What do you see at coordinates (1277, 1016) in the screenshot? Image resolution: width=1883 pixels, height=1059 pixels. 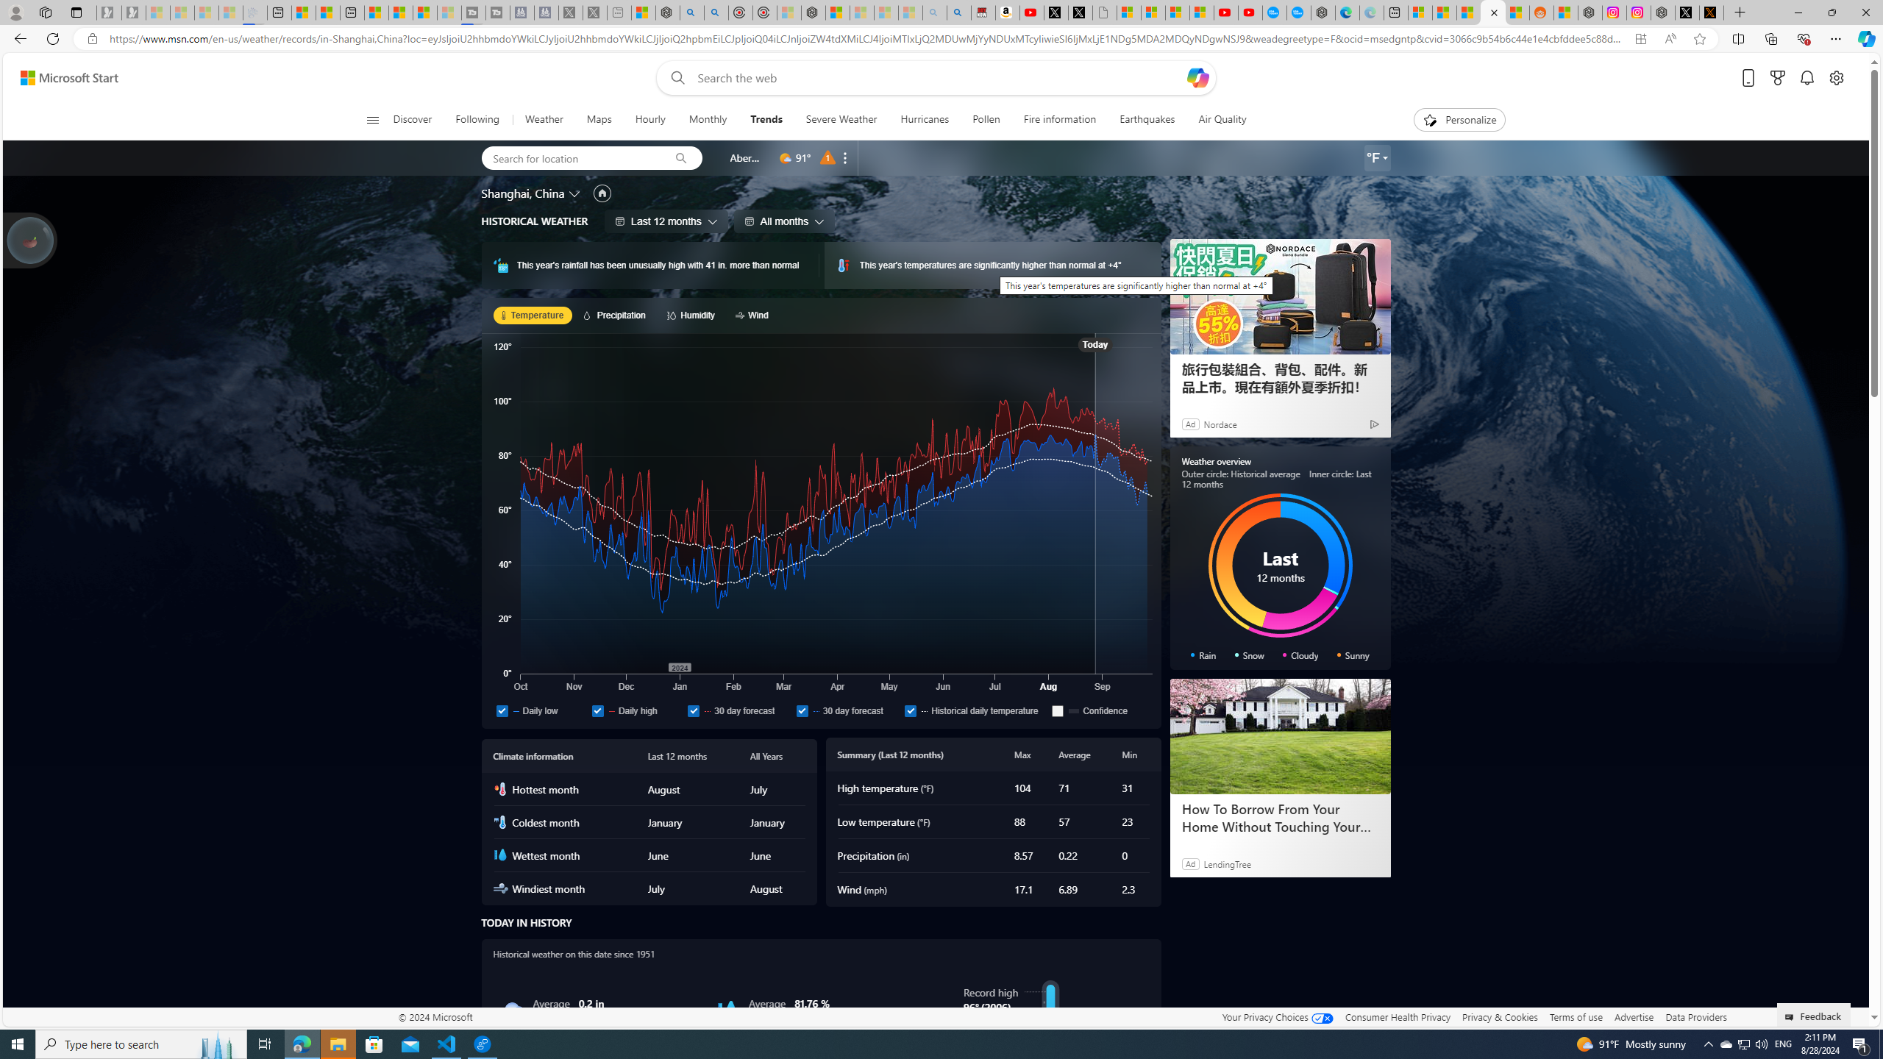 I see `'Your Privacy Choices'` at bounding box center [1277, 1016].